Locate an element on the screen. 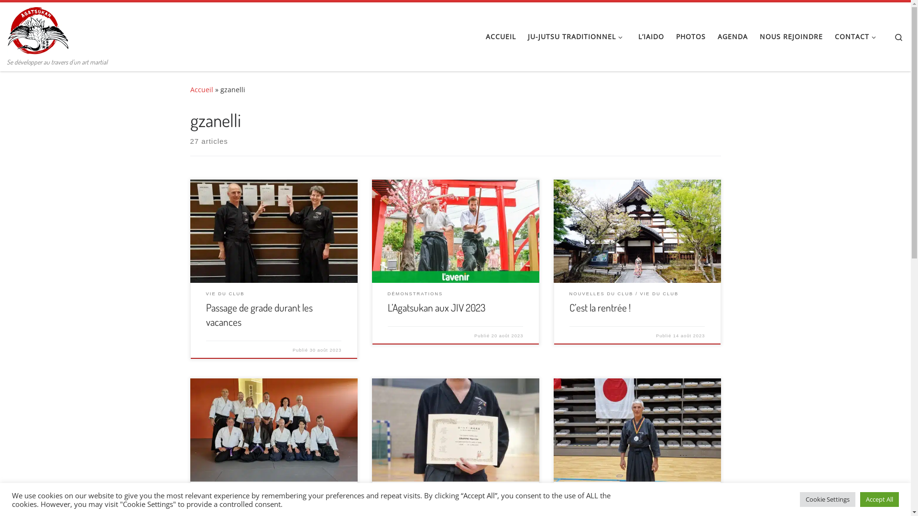 The width and height of the screenshot is (918, 516). 'ACCUEIL' is located at coordinates (500, 36).